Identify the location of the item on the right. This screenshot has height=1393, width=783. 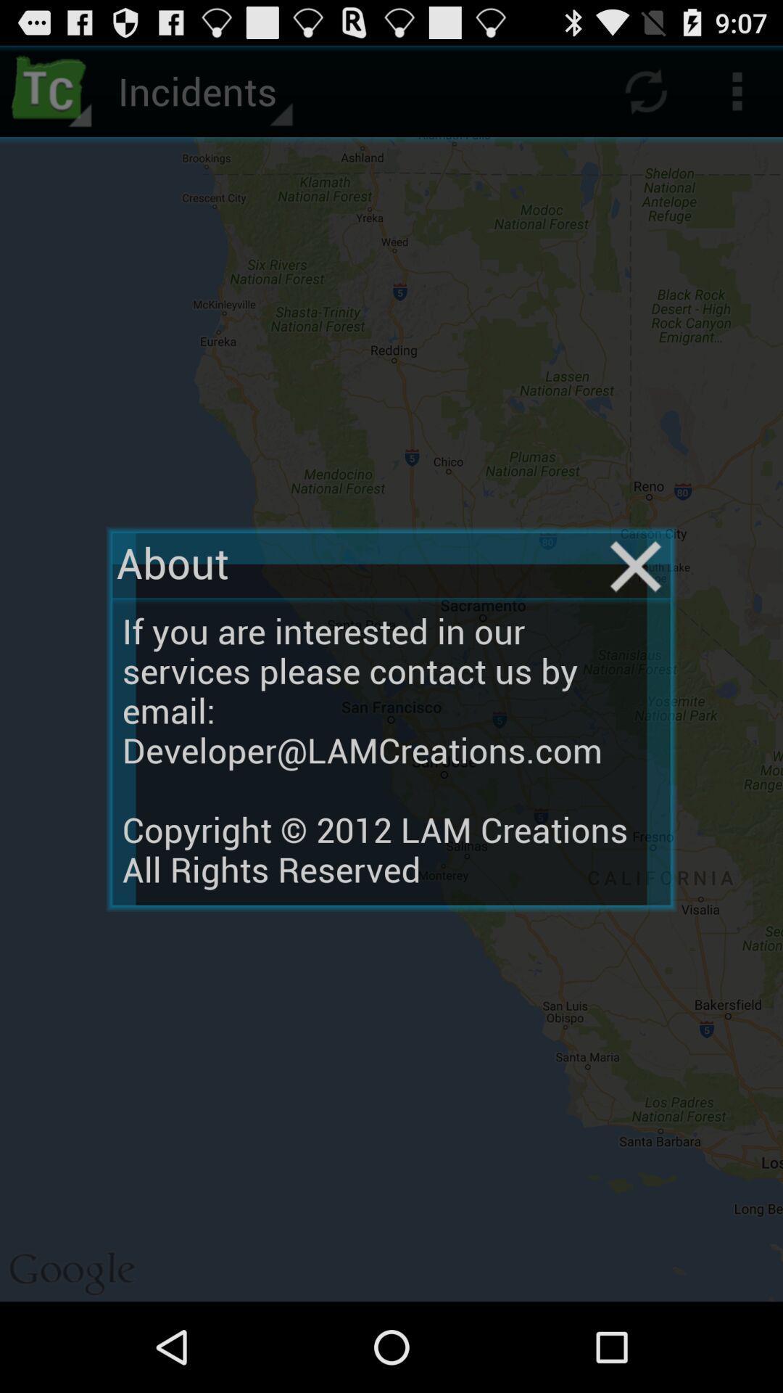
(635, 566).